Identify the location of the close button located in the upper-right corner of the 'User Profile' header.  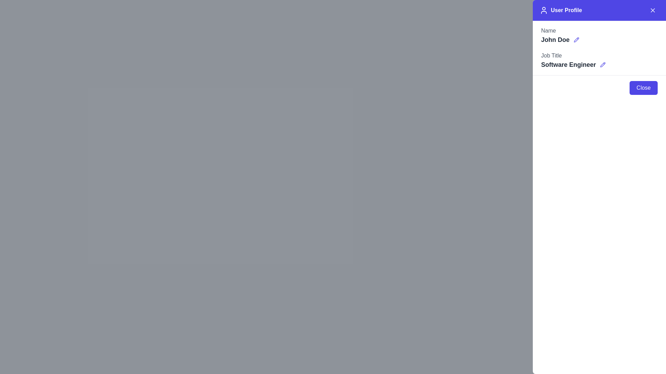
(652, 10).